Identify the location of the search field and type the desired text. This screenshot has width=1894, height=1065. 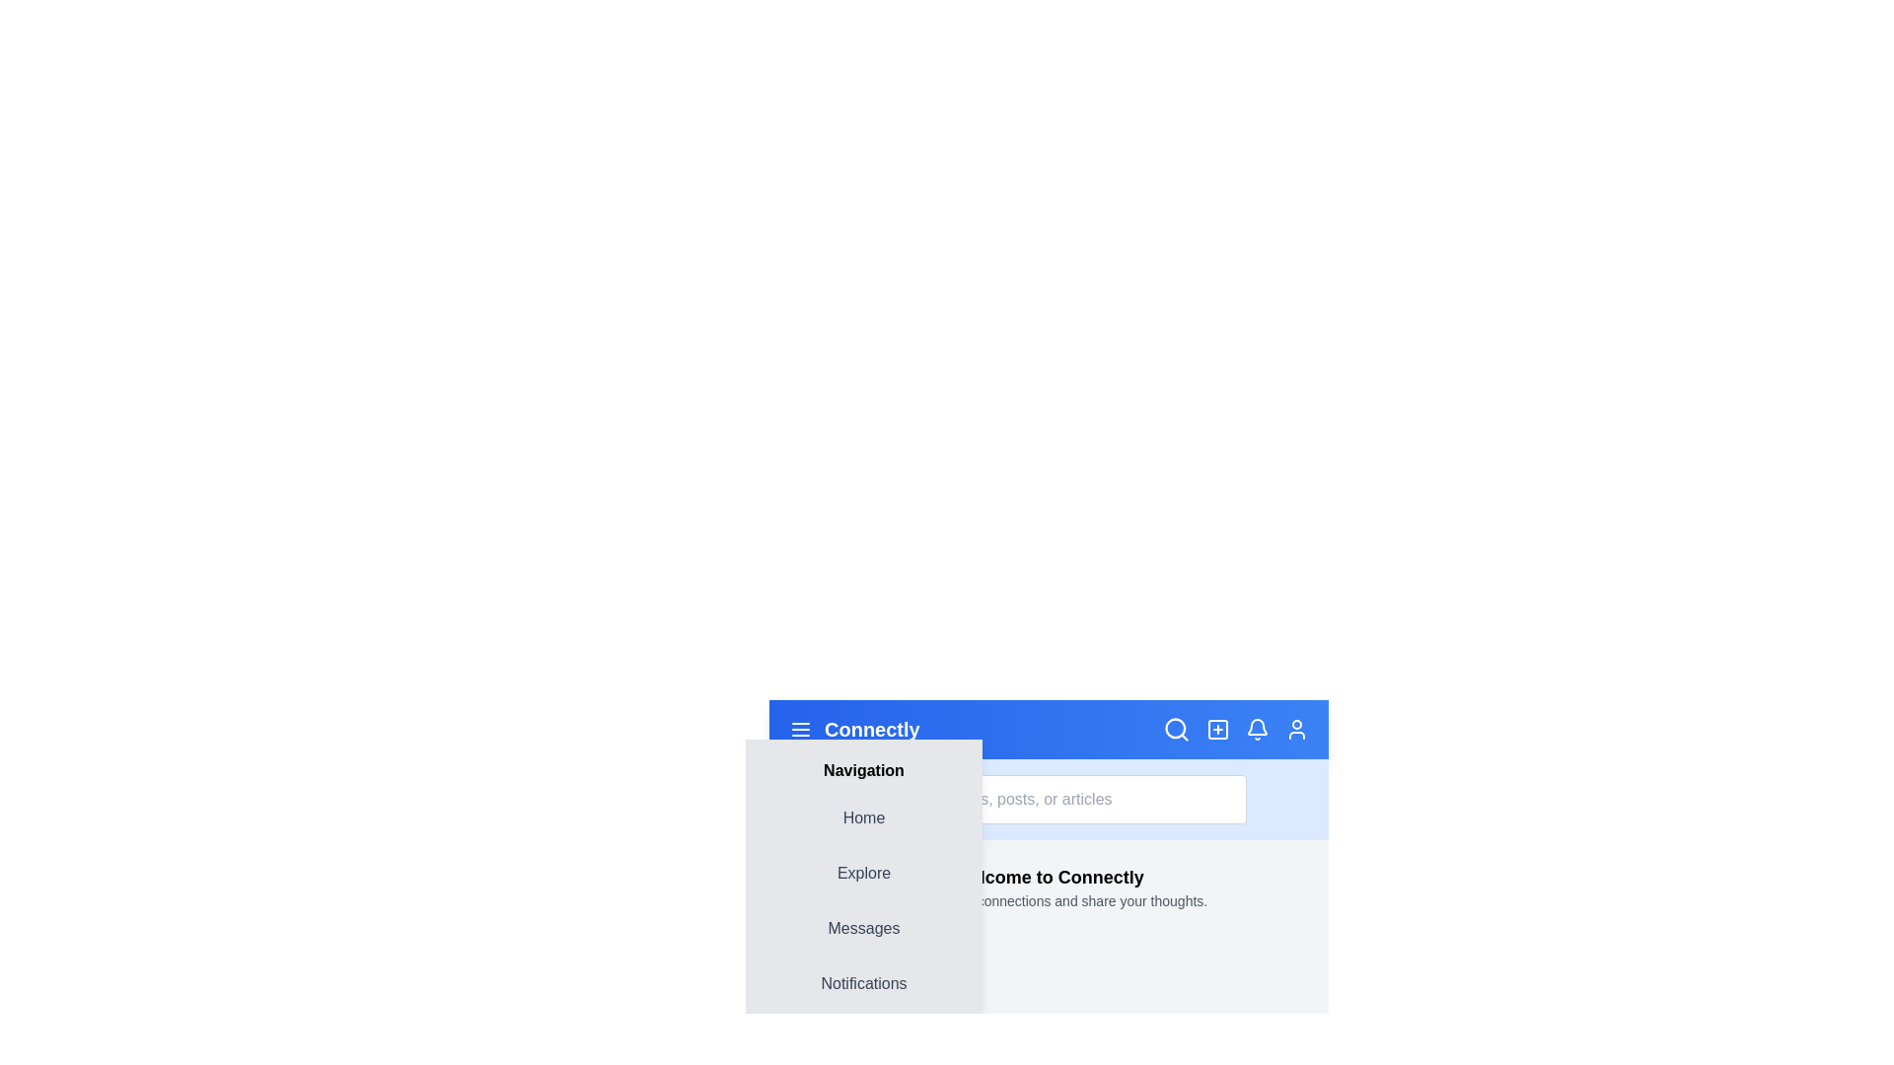
(1048, 799).